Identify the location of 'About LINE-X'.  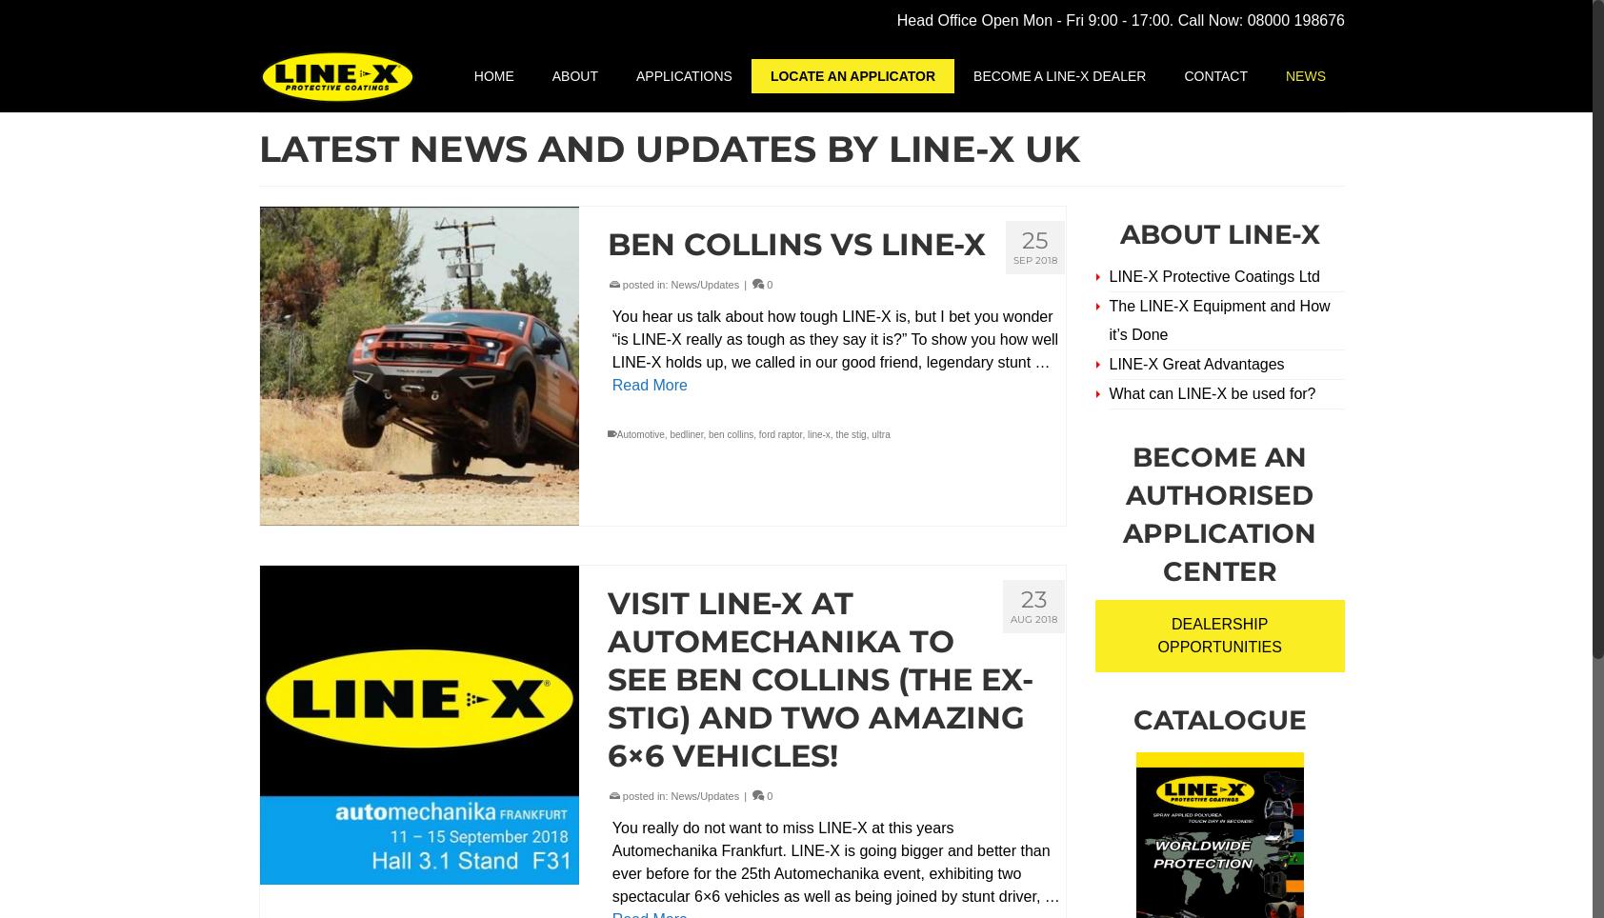
(1218, 233).